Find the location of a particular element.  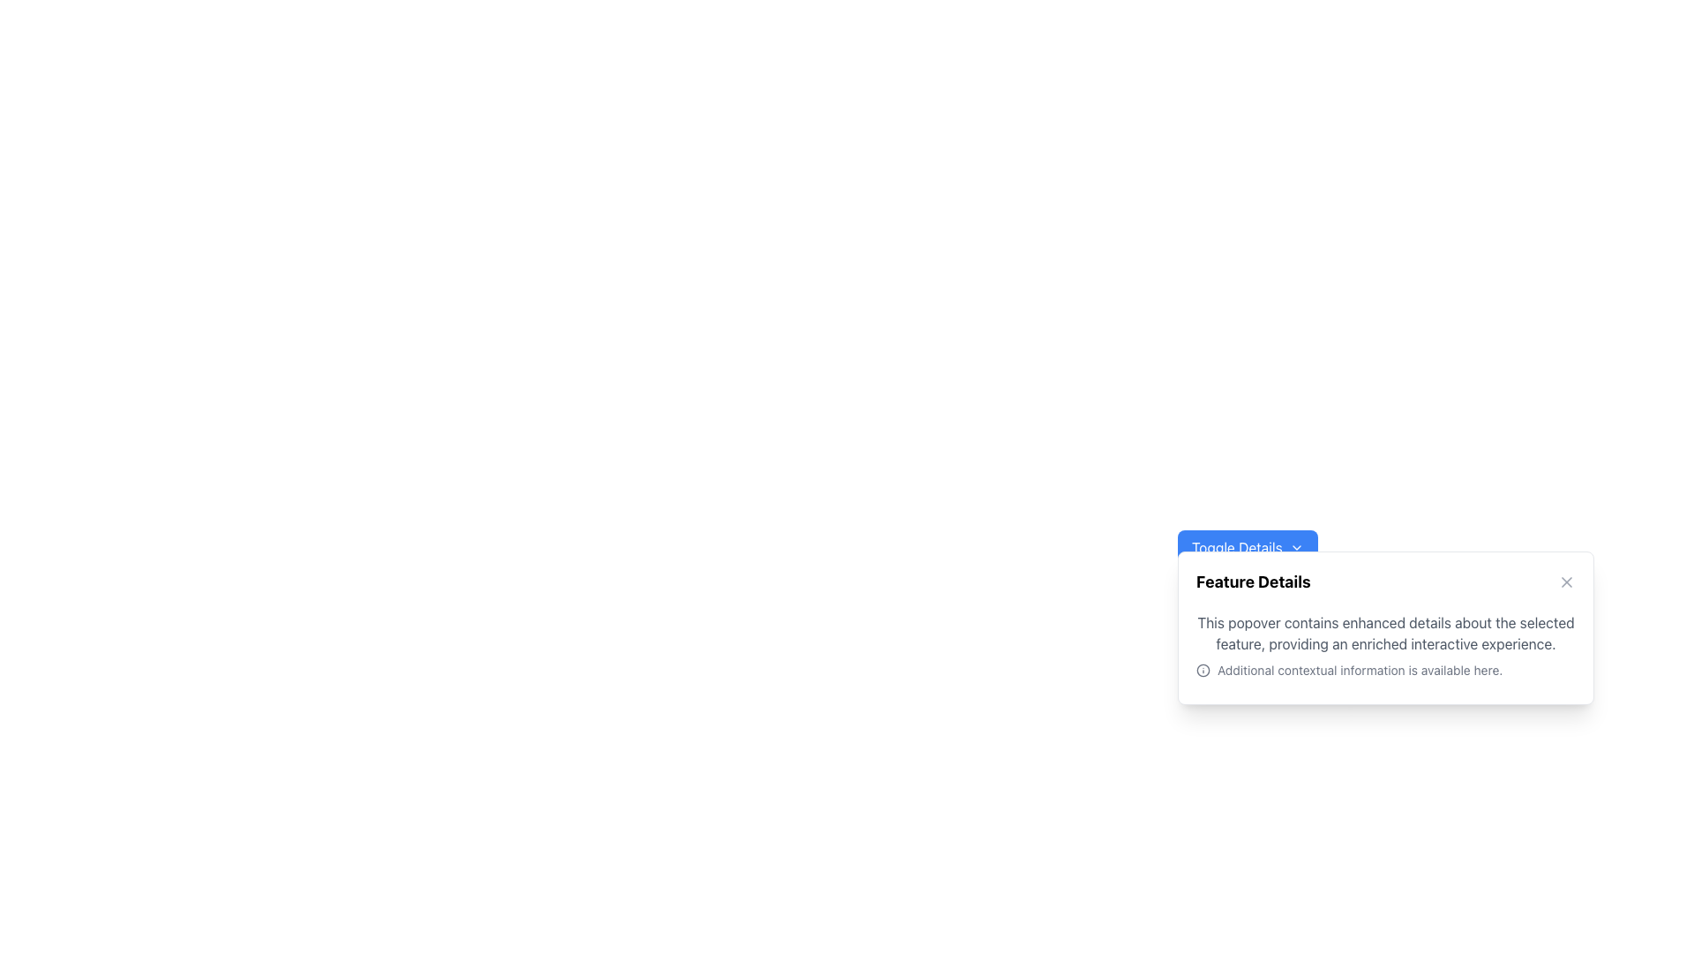

bold black text 'Feature Details' at the top of the card for information is located at coordinates (1252, 582).